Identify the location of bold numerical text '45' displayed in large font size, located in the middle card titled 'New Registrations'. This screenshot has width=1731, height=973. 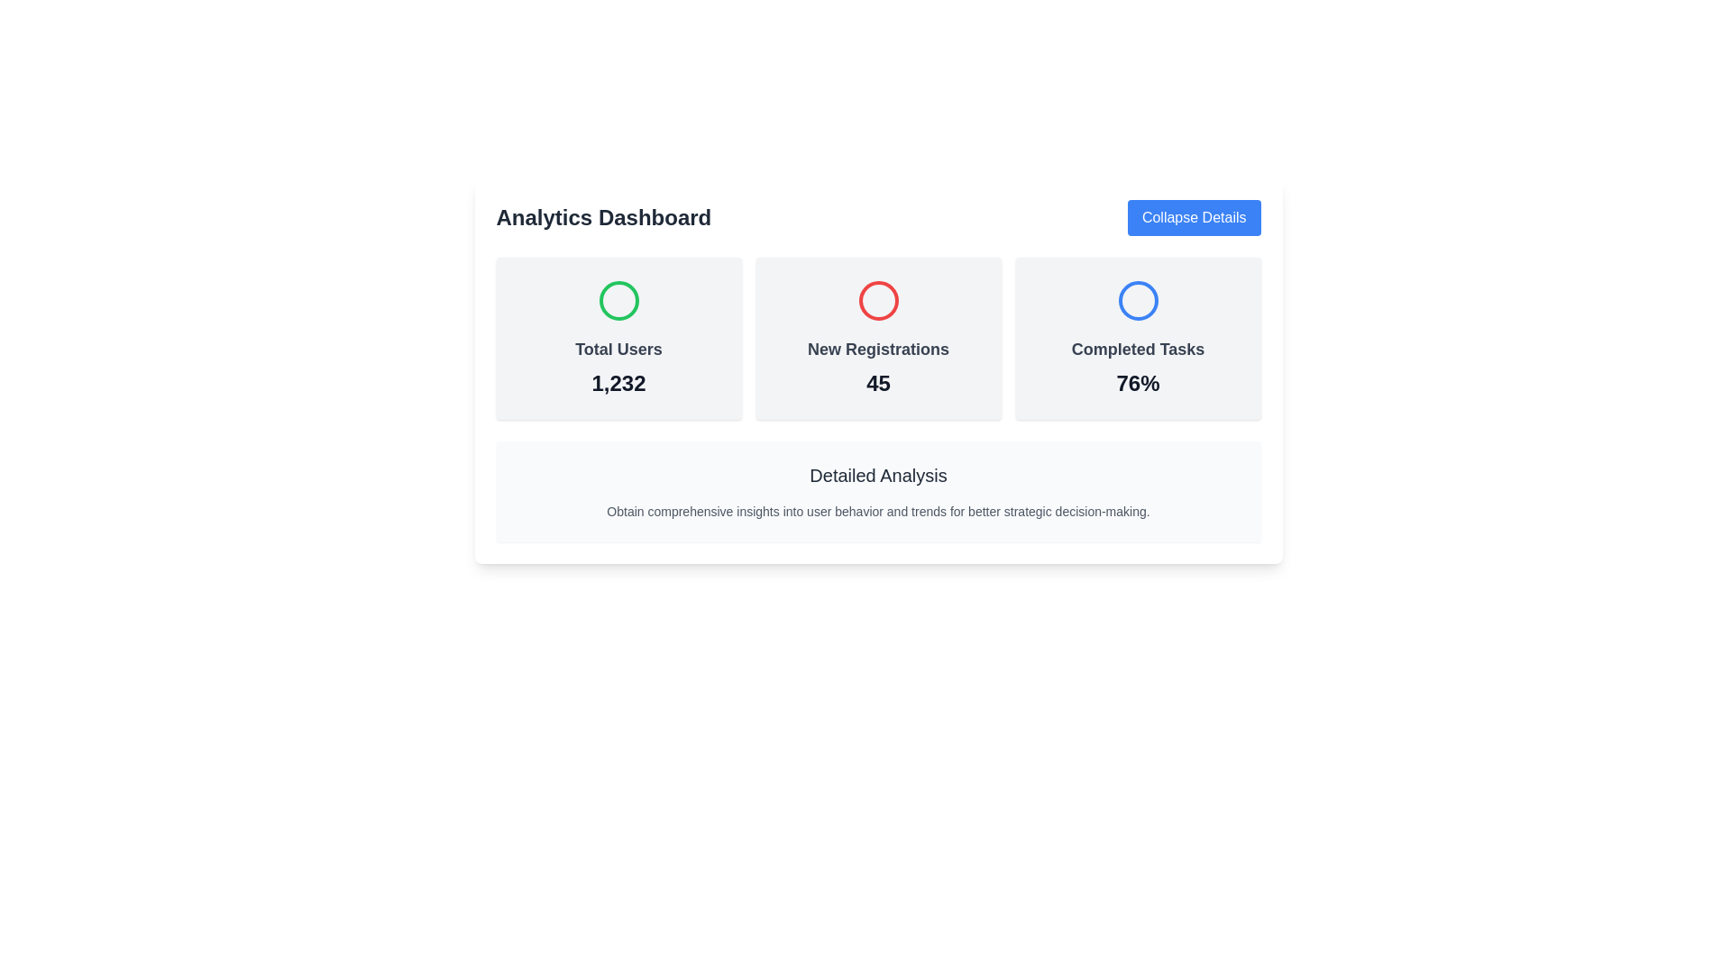
(878, 382).